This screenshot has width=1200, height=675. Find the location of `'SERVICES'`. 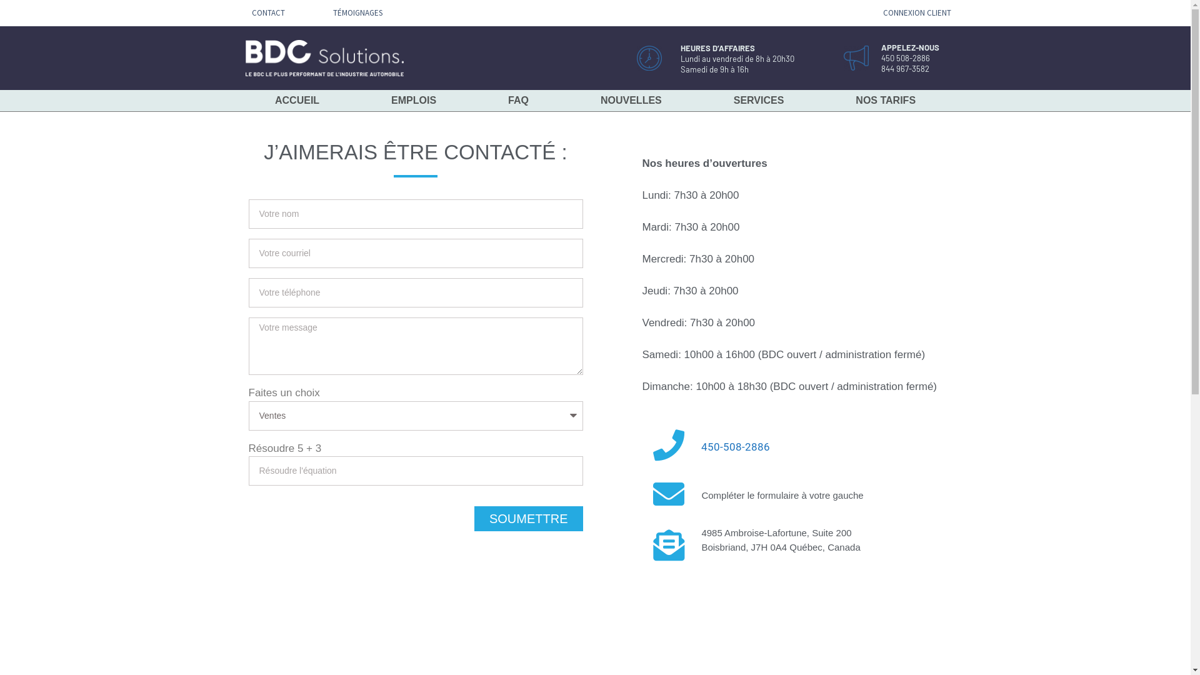

'SERVICES' is located at coordinates (758, 100).